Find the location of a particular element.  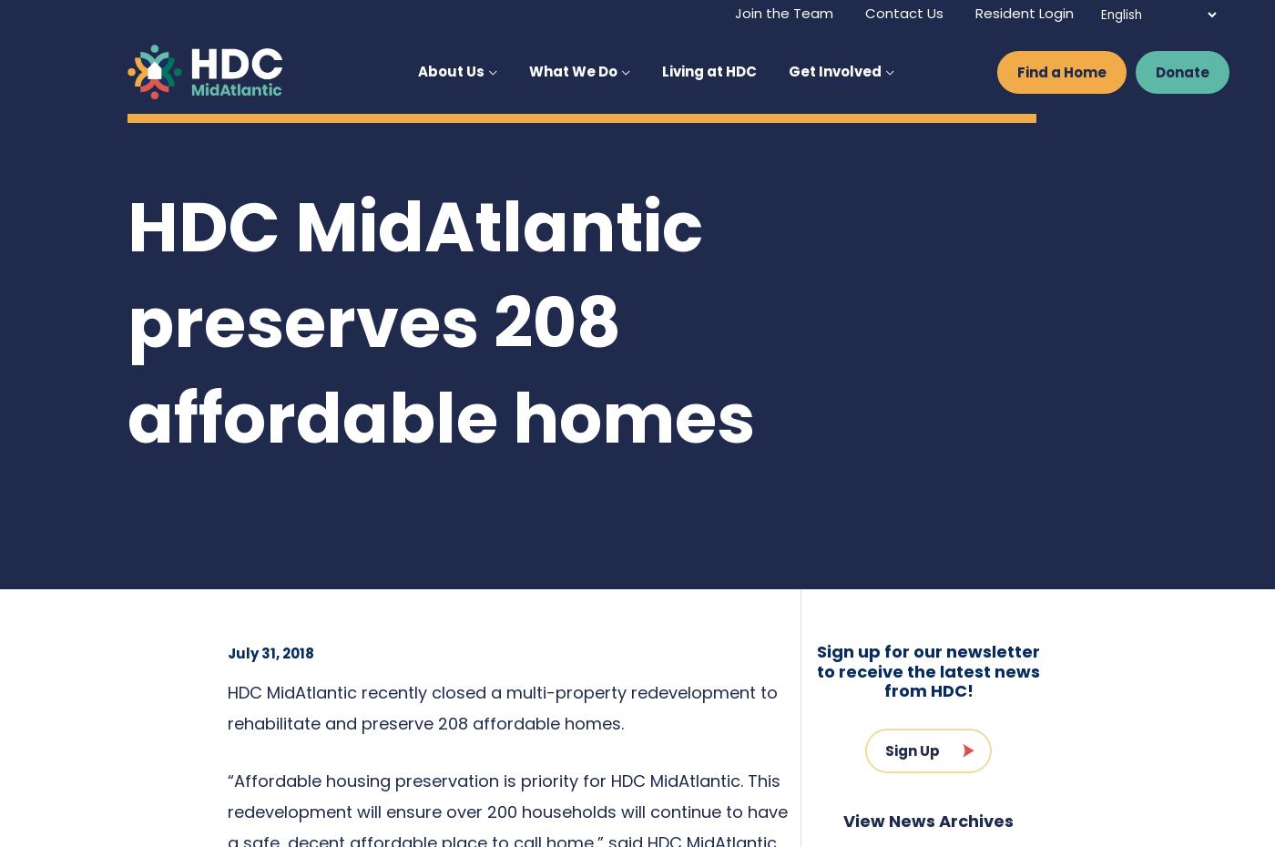

'Find a Home' is located at coordinates (1062, 71).